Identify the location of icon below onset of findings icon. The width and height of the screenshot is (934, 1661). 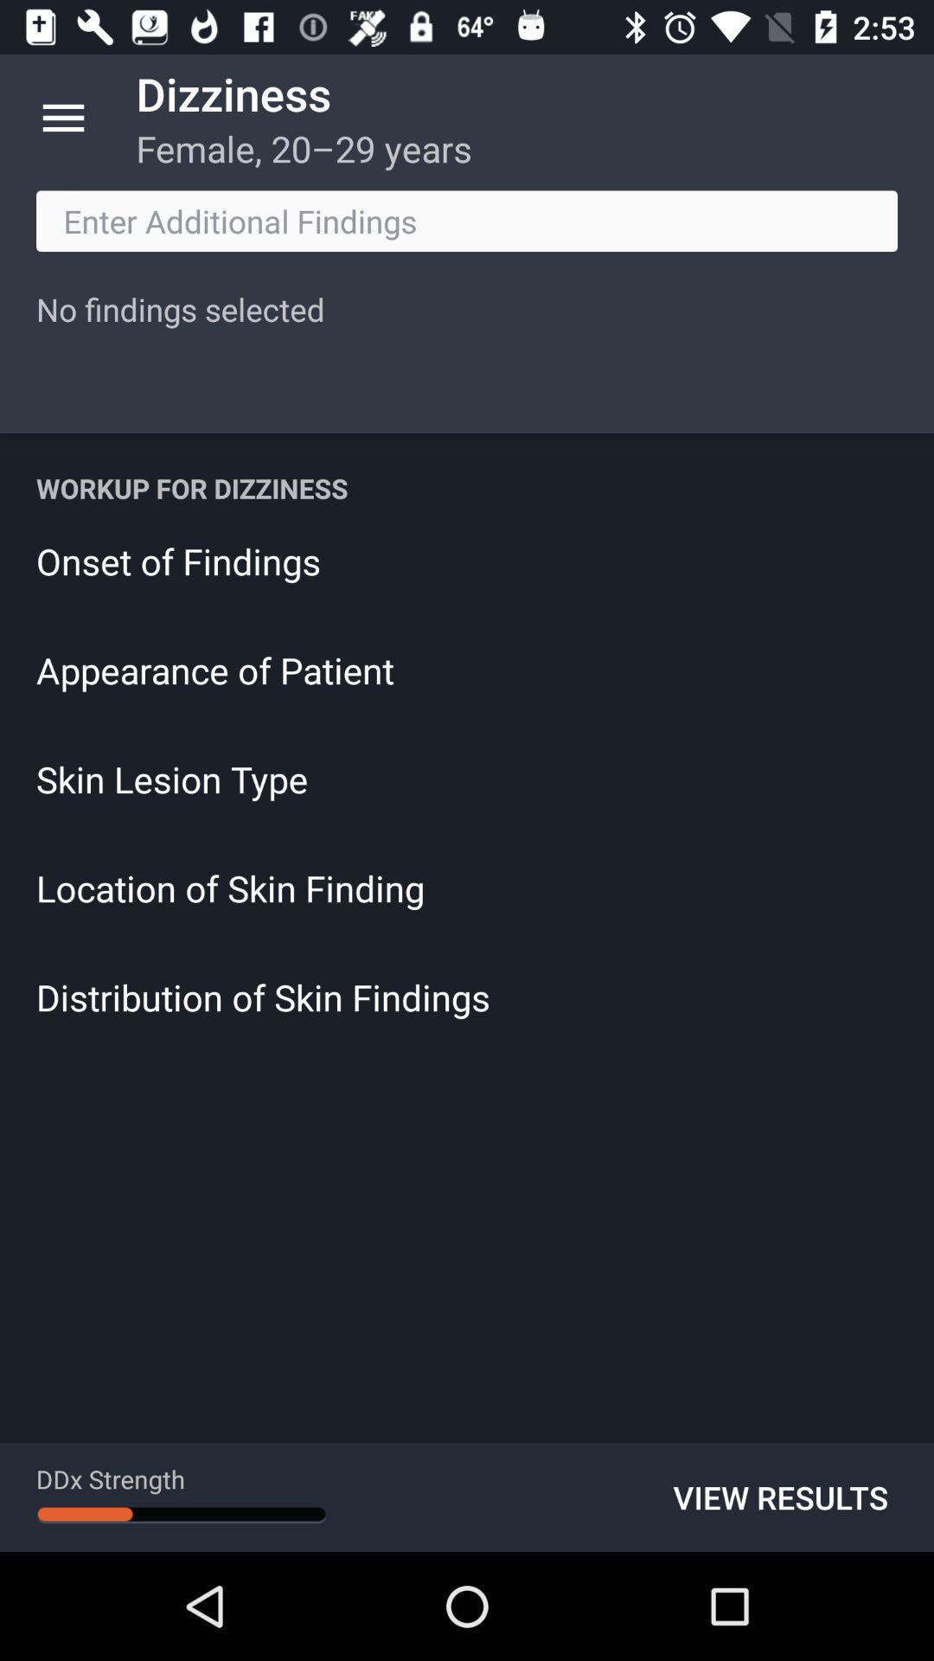
(467, 669).